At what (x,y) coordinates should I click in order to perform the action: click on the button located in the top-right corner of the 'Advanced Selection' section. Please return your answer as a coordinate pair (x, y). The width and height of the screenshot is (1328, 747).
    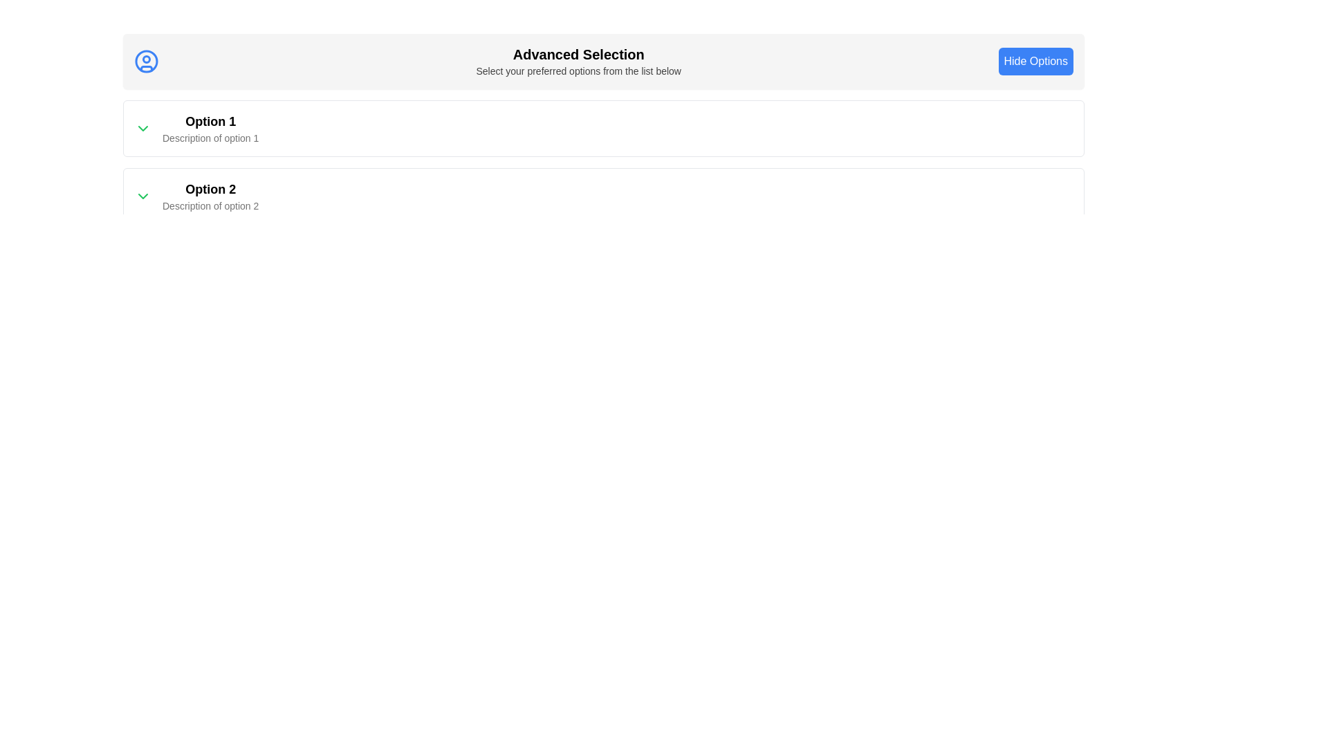
    Looking at the image, I should click on (1035, 60).